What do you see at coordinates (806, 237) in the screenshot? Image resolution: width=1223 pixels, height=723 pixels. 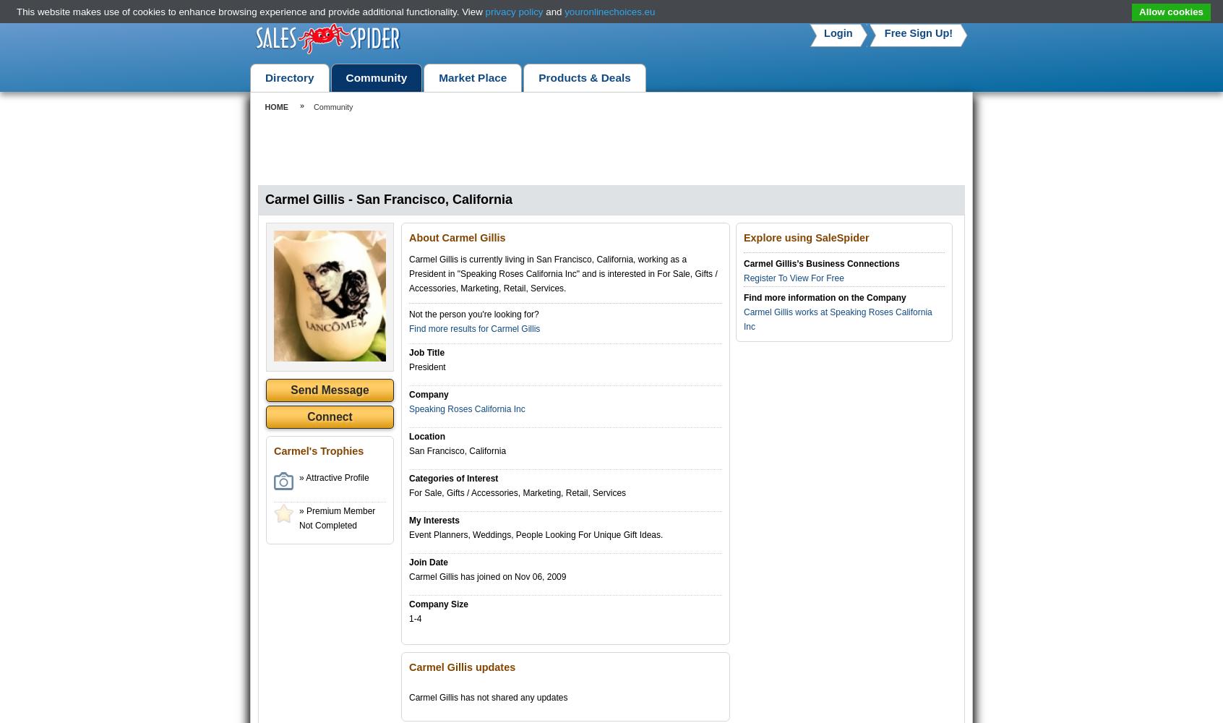 I see `'Explore using SaleSpider'` at bounding box center [806, 237].